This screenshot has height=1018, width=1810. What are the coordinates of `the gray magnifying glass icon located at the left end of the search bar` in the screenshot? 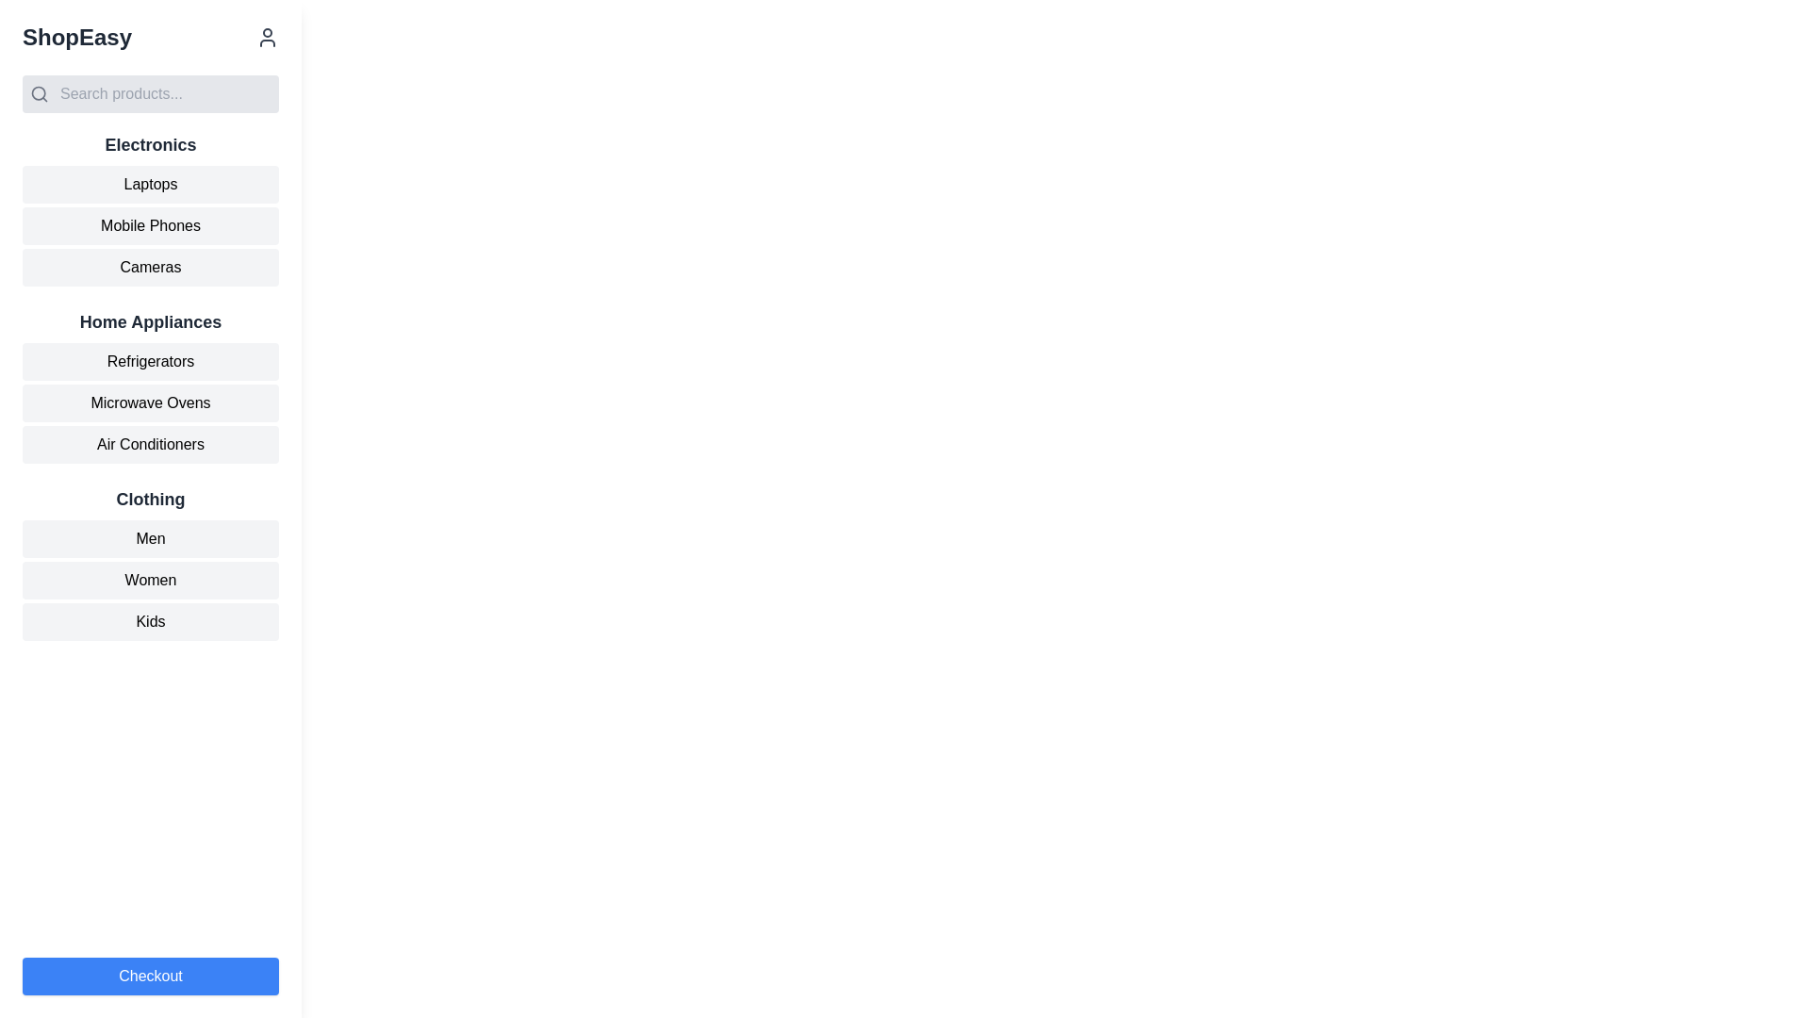 It's located at (40, 94).